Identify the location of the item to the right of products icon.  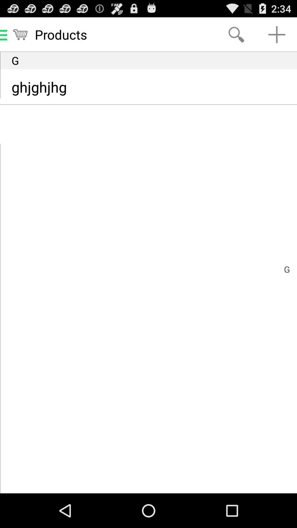
(236, 34).